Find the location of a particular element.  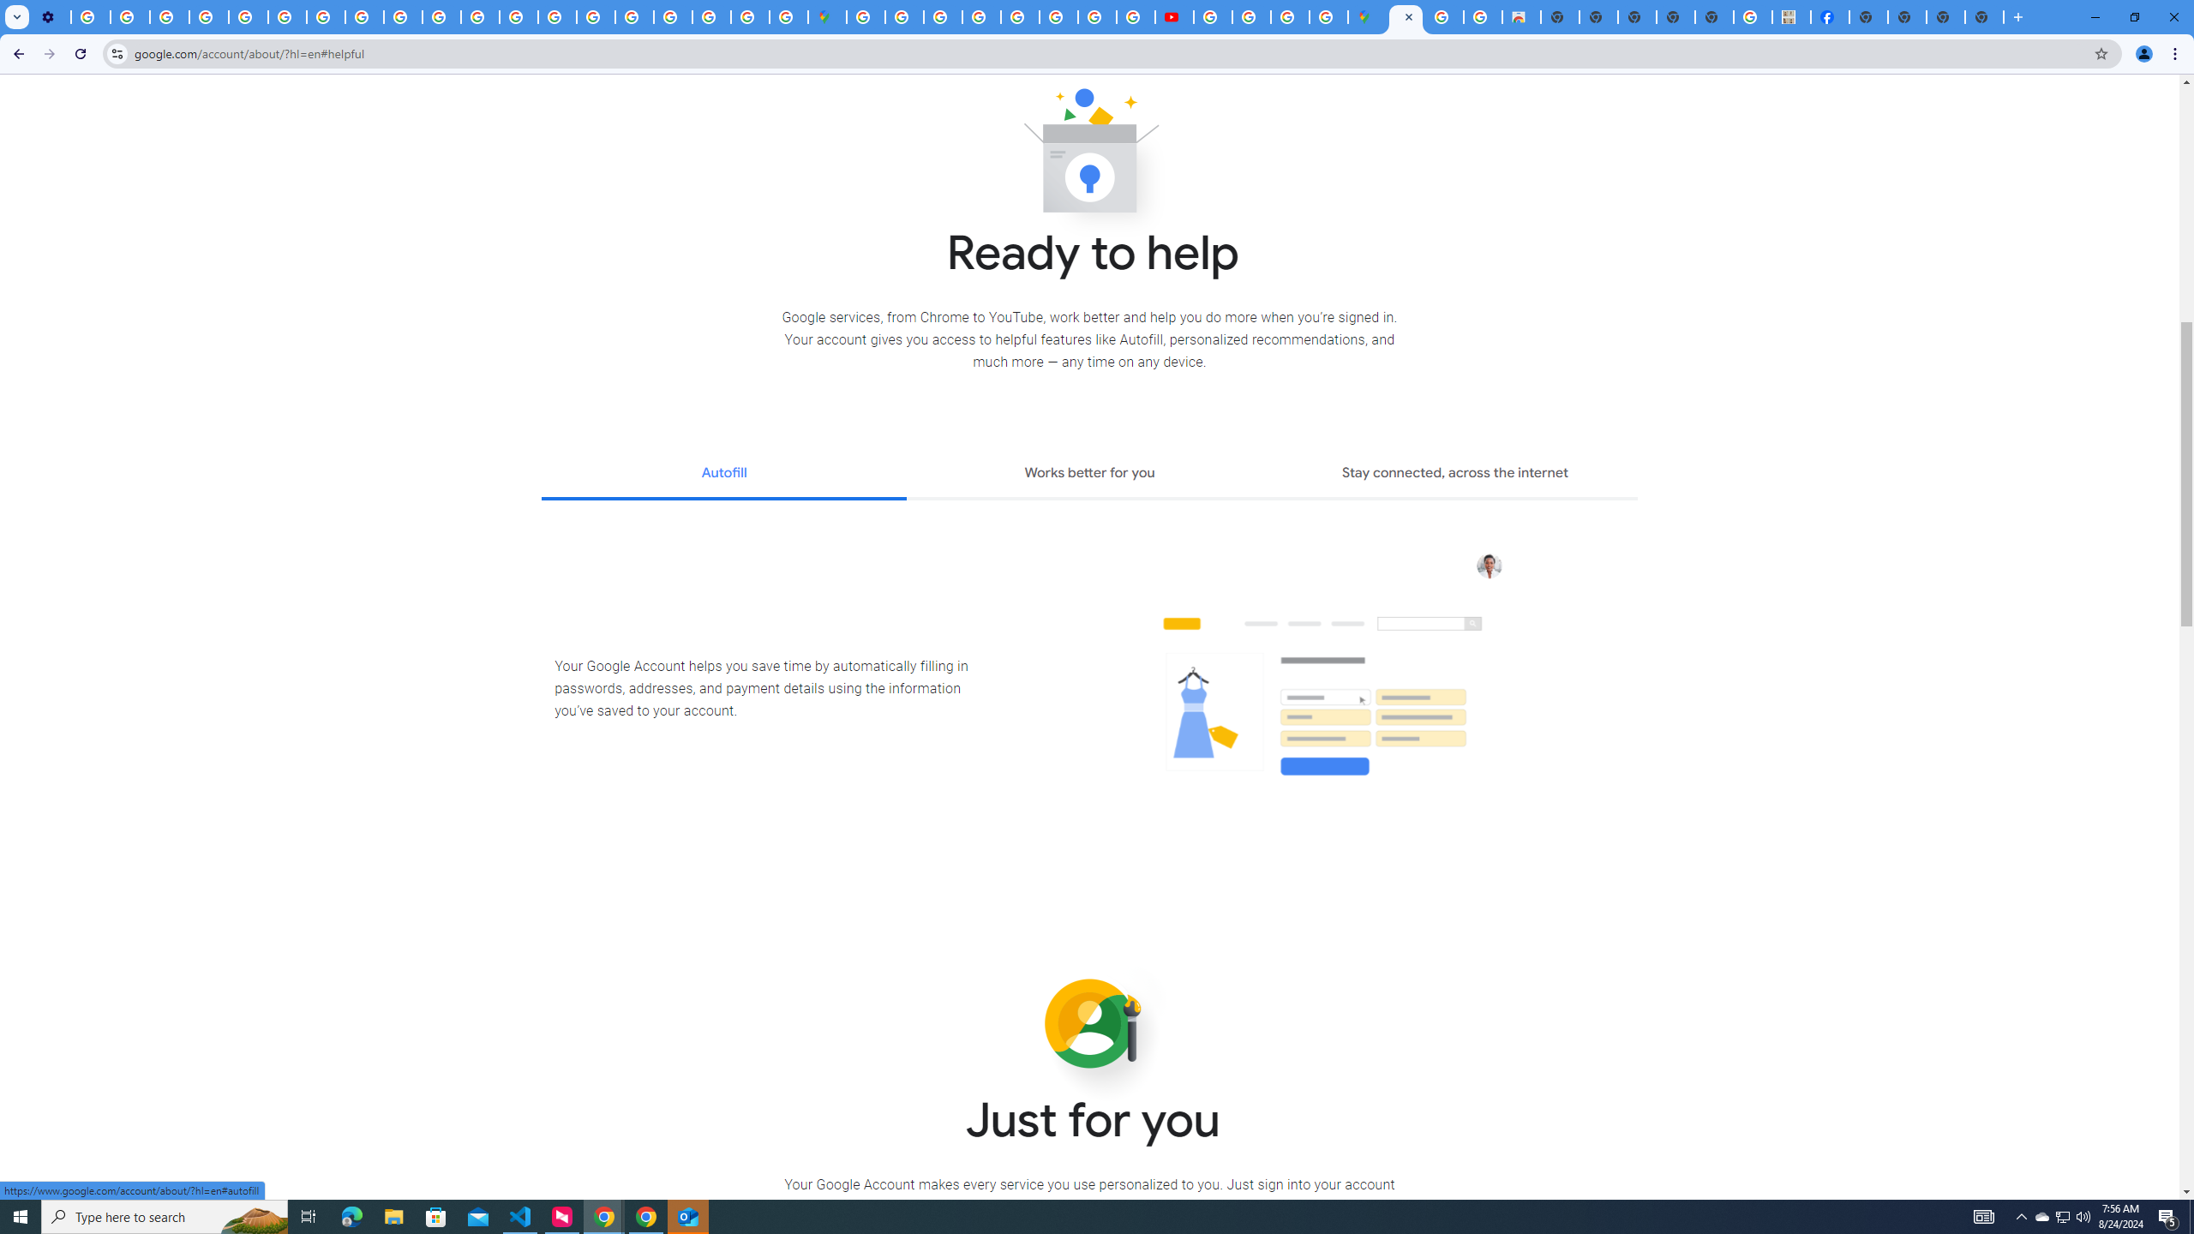

'Delete photos & videos - Computer - Google Photos Help' is located at coordinates (90, 16).